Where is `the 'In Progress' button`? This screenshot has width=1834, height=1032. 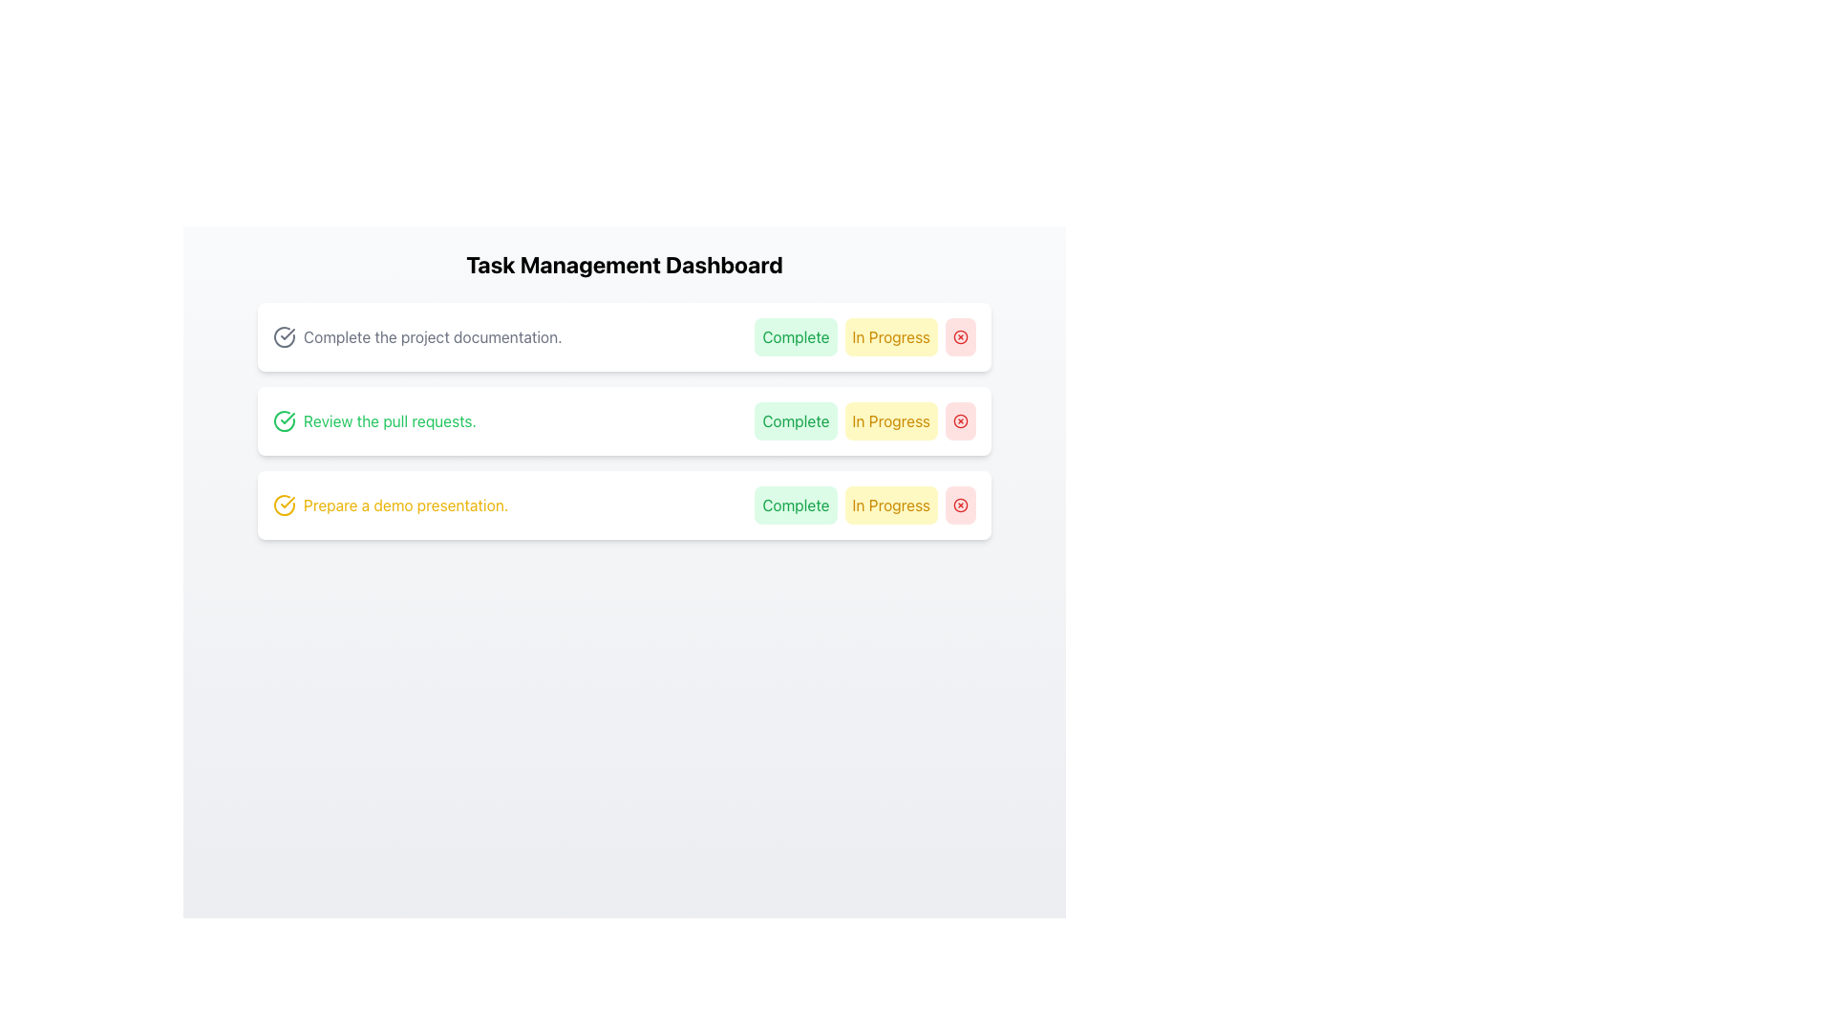 the 'In Progress' button is located at coordinates (890, 419).